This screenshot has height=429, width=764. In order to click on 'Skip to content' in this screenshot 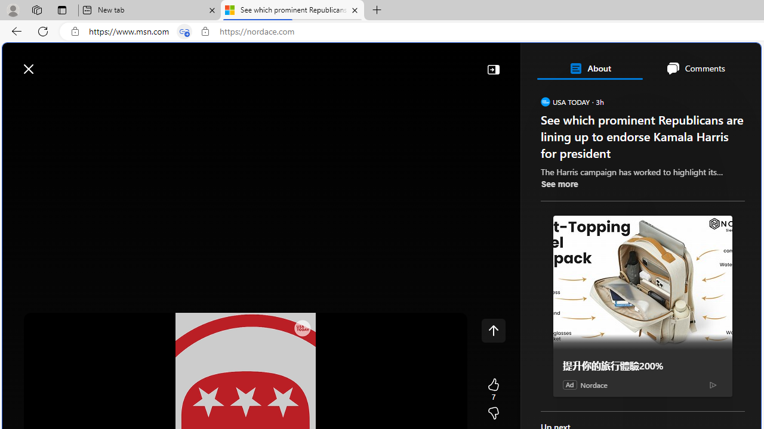, I will do `click(51, 63)`.